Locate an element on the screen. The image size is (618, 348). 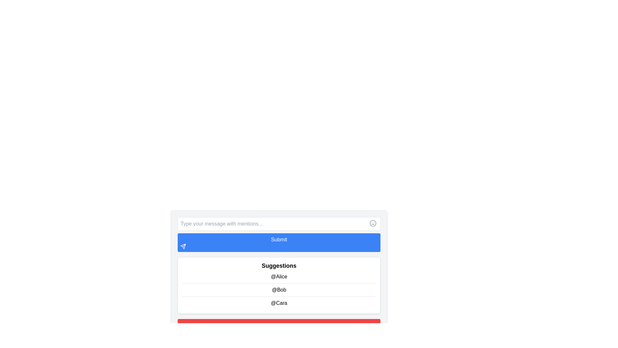
the appearance of the Close icon (cross line) located in the bottom-right area of the interface, which serves as a visual indicator for a close or cancel action is located at coordinates (183, 333).